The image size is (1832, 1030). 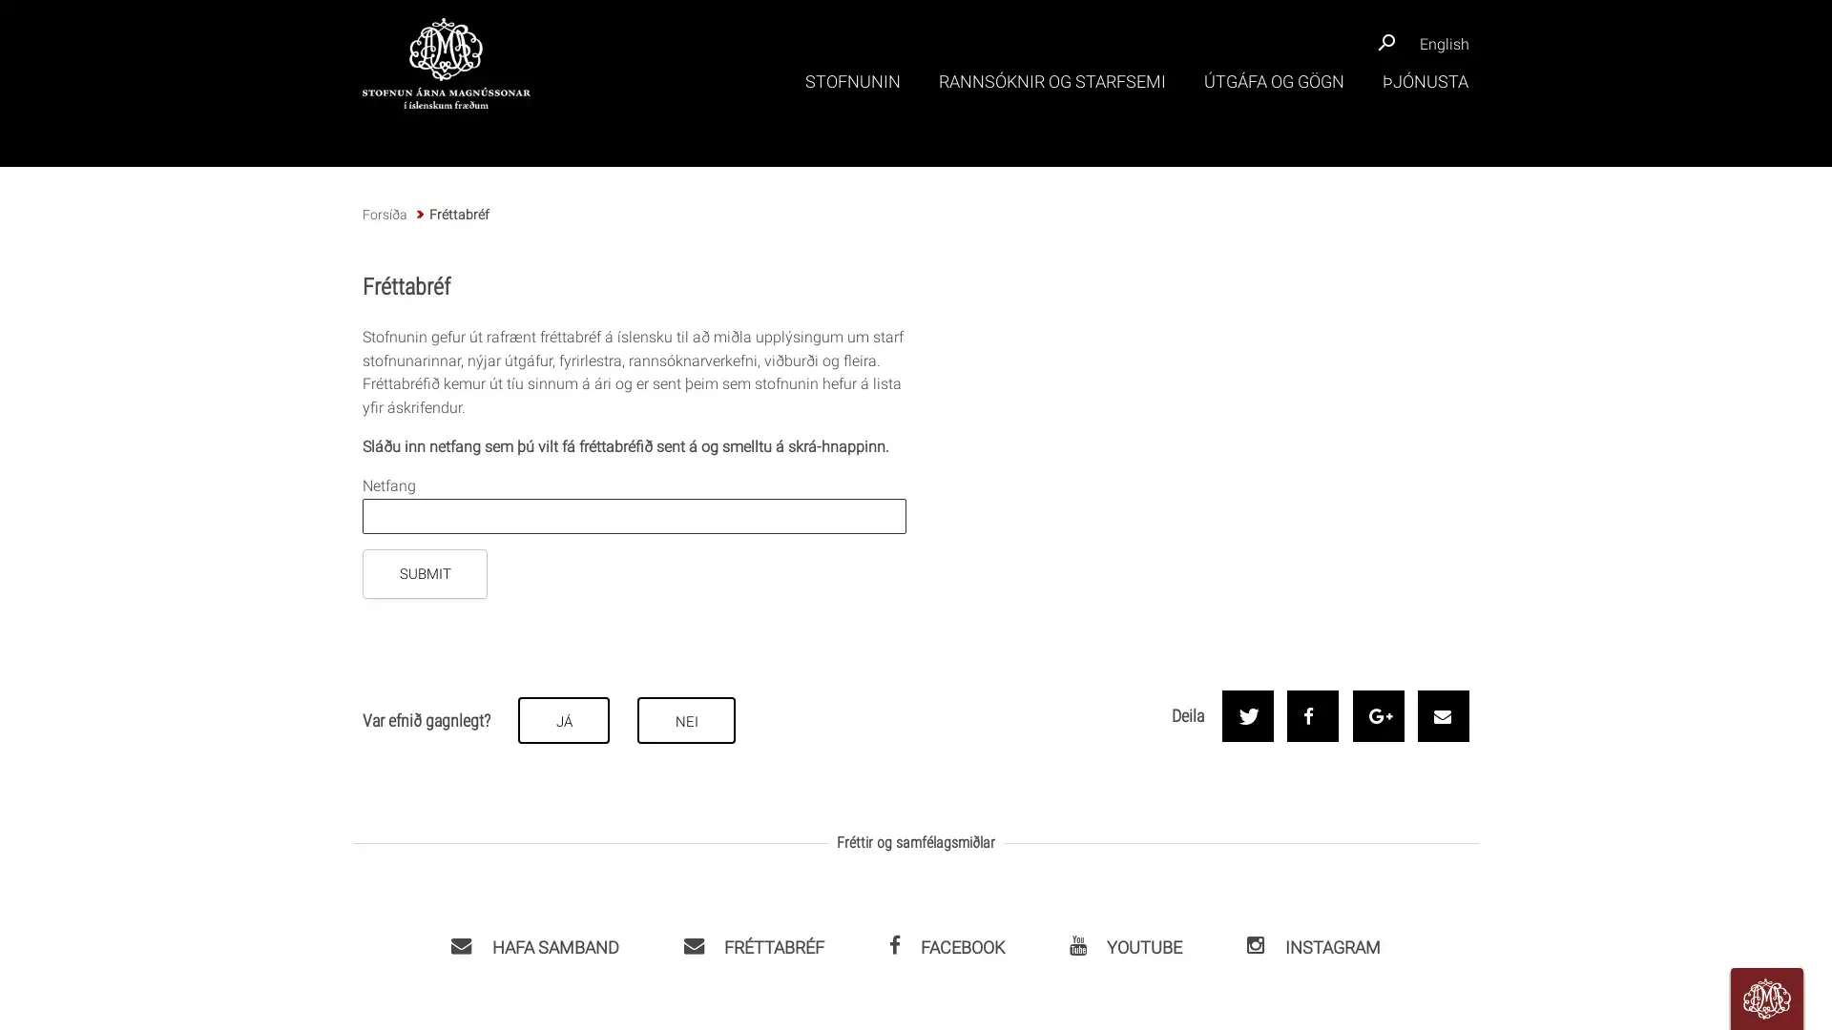 What do you see at coordinates (1443, 714) in the screenshot?
I see `Send by email` at bounding box center [1443, 714].